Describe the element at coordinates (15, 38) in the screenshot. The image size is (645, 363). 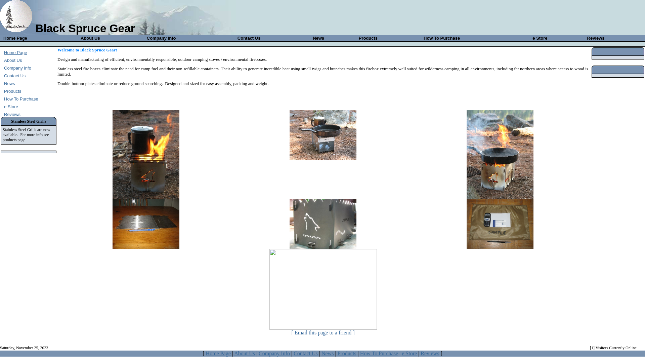
I see `'Home Page'` at that location.